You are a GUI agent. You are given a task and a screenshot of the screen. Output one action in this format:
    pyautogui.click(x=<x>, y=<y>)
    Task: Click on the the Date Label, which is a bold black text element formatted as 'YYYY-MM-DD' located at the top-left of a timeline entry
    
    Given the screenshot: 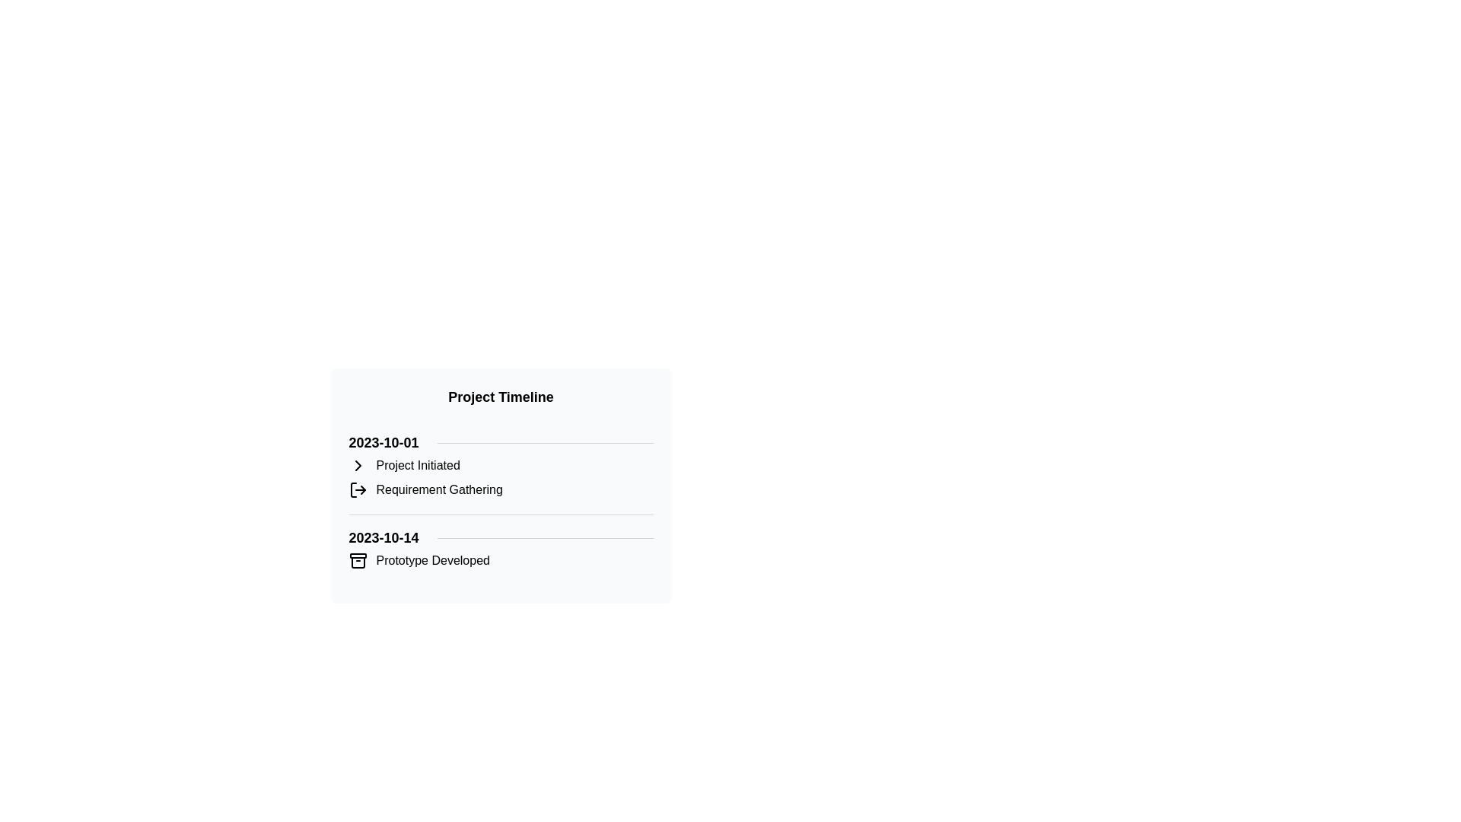 What is the action you would take?
    pyautogui.click(x=384, y=443)
    